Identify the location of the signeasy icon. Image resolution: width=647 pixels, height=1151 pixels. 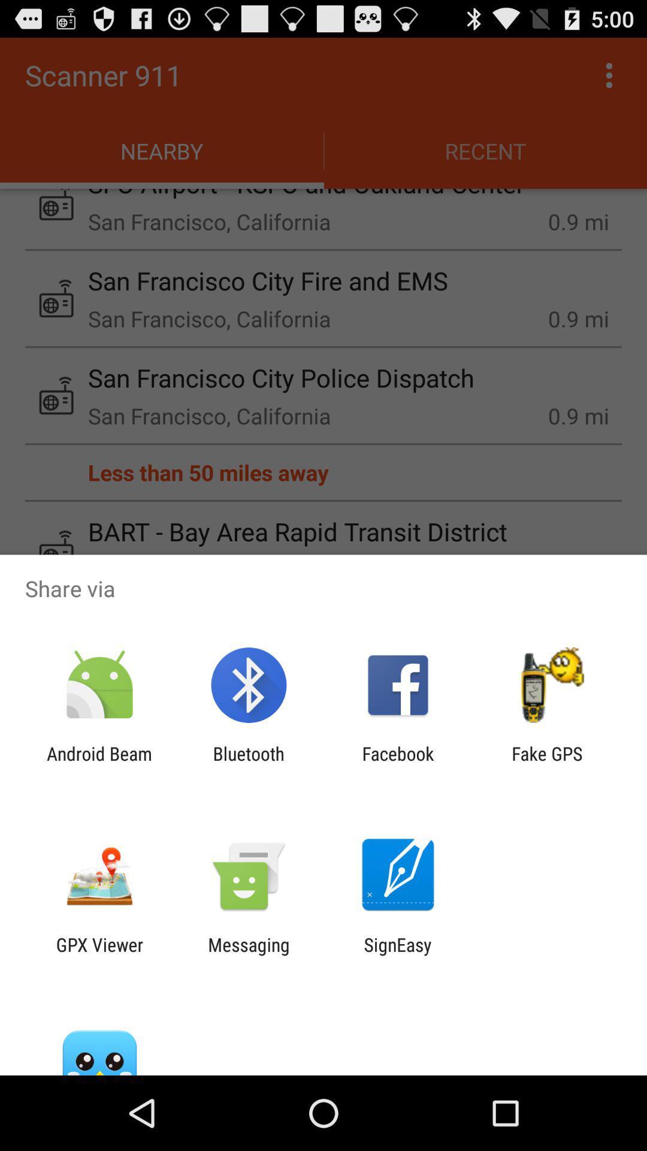
(398, 954).